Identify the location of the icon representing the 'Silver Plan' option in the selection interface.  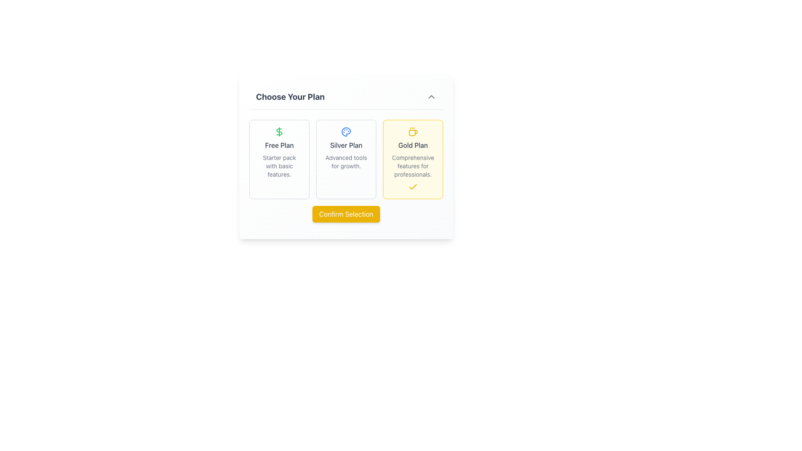
(346, 132).